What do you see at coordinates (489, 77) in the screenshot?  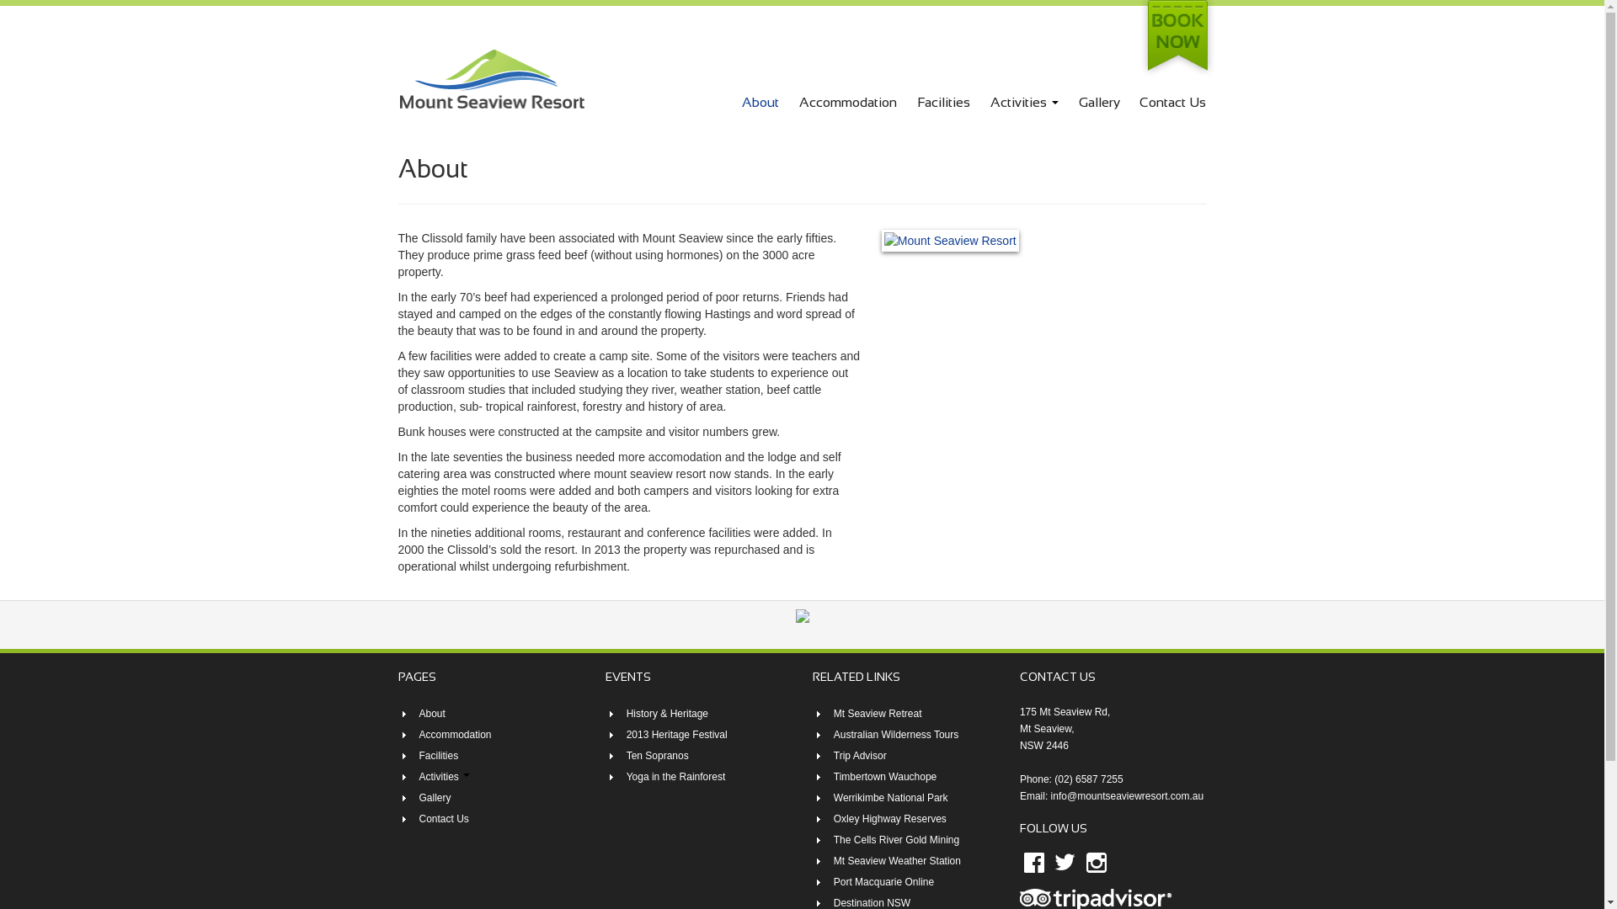 I see `'Mount Seaview Resort'` at bounding box center [489, 77].